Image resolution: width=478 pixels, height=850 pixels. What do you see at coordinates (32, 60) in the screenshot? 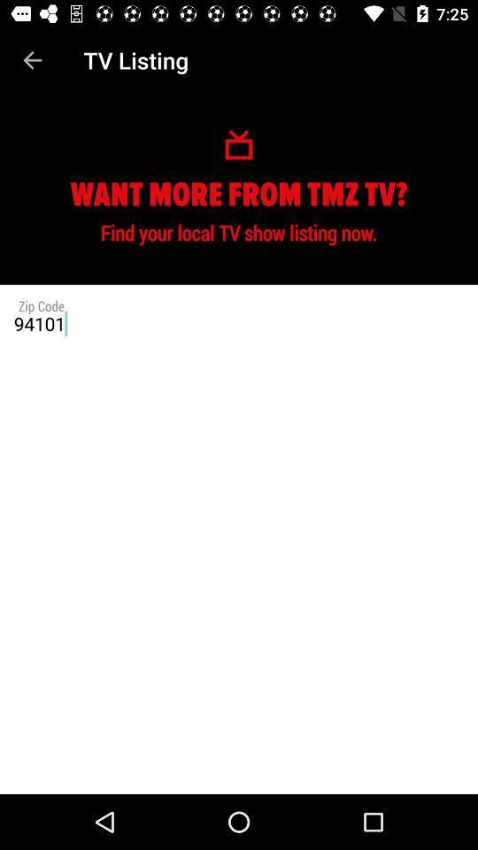
I see `icon to the left of the tv listing icon` at bounding box center [32, 60].